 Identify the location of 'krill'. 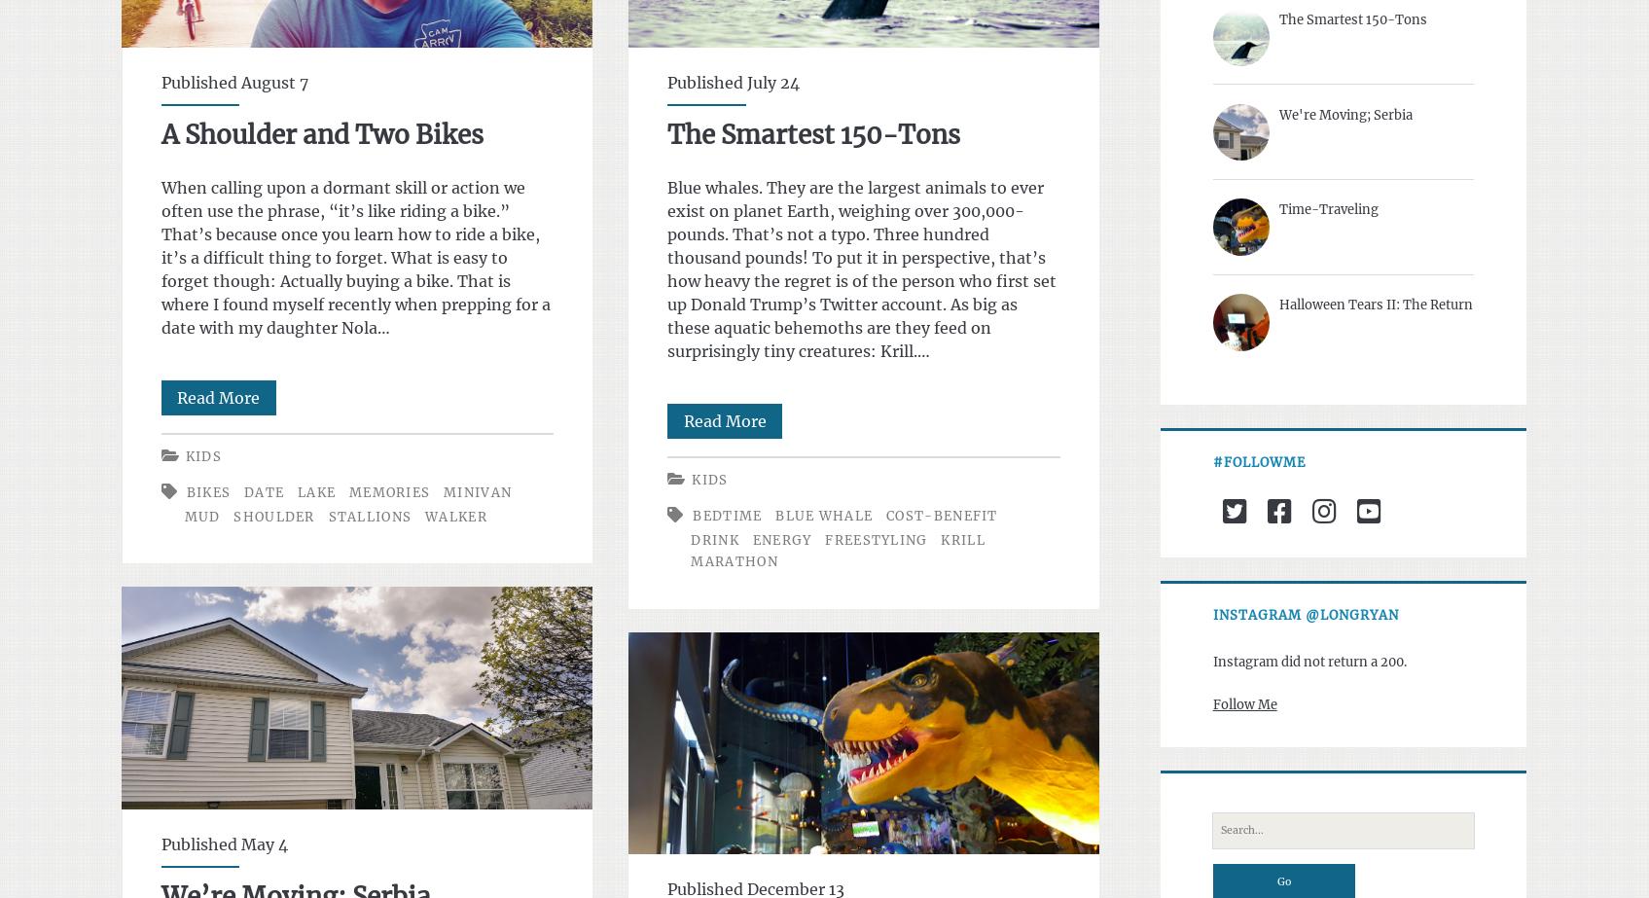
(961, 539).